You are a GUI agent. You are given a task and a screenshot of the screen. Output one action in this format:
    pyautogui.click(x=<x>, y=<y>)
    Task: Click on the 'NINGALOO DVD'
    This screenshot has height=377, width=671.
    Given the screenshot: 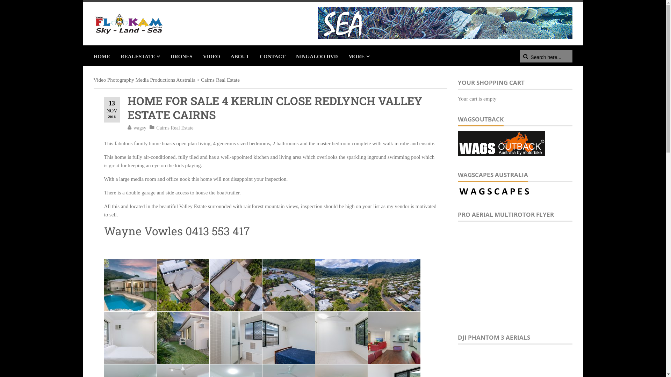 What is the action you would take?
    pyautogui.click(x=317, y=55)
    